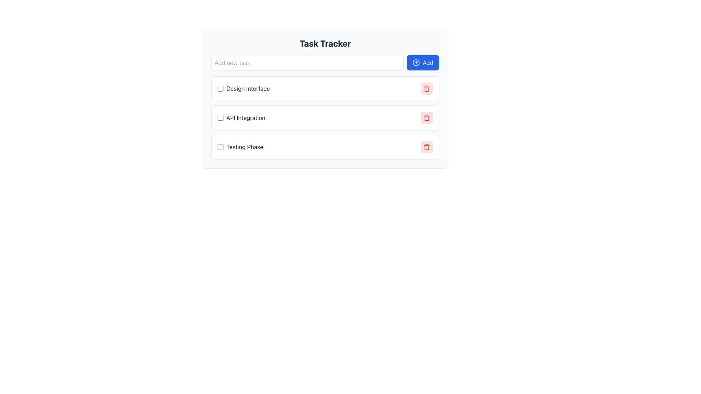 This screenshot has width=701, height=394. I want to click on the small rectangular button with a red background and trash bin icon, so click(427, 147).